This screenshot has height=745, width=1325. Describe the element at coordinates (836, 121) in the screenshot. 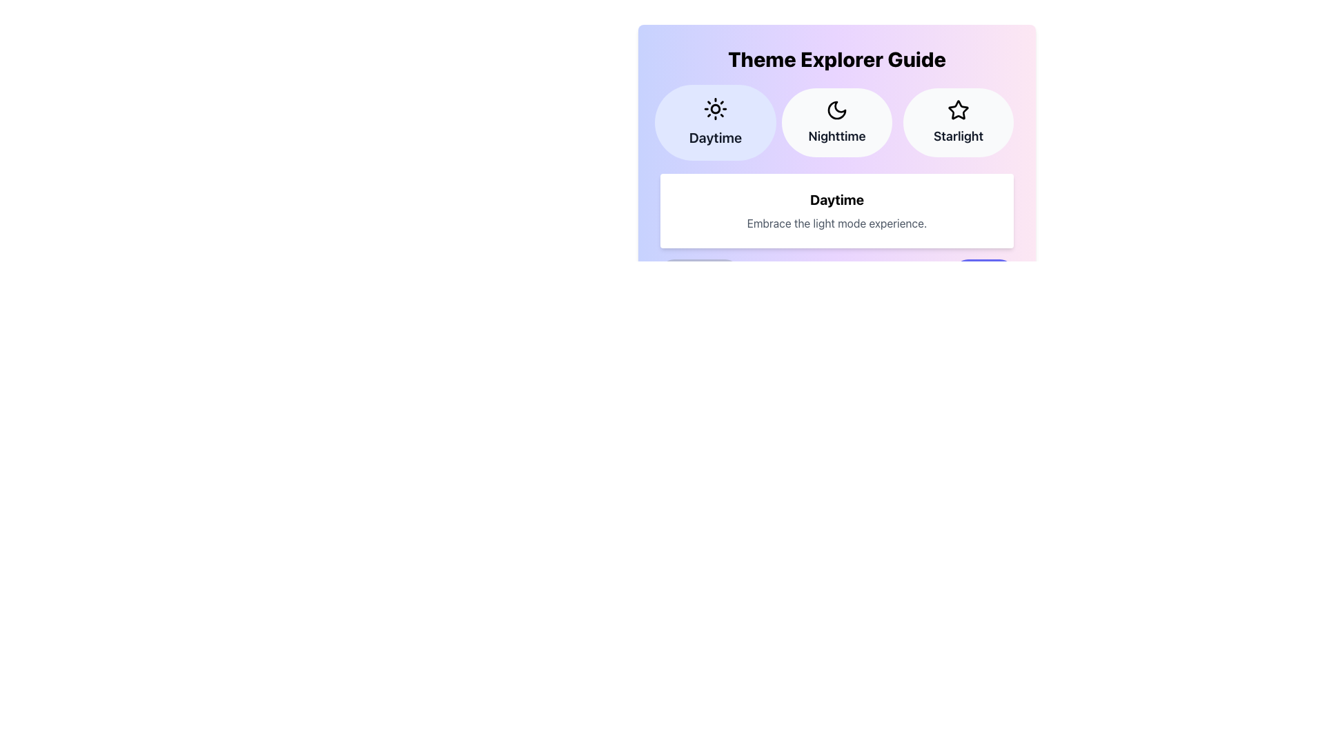

I see `the circular 'Nighttime' button with a crescent moon icon` at that location.